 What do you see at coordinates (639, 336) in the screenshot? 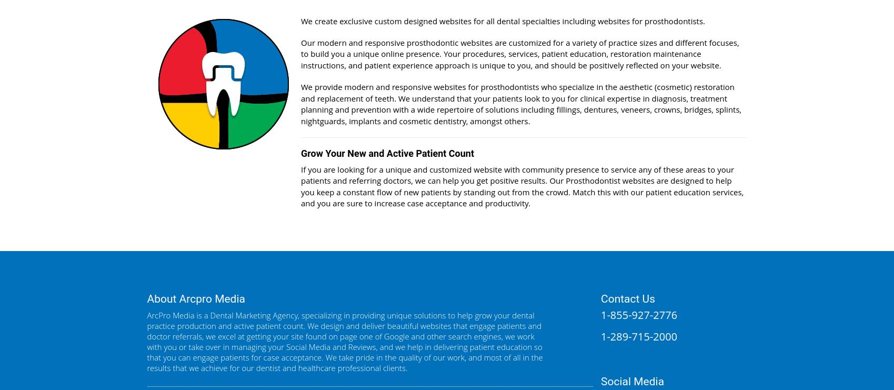
I see `'1-289-715-2000'` at bounding box center [639, 336].